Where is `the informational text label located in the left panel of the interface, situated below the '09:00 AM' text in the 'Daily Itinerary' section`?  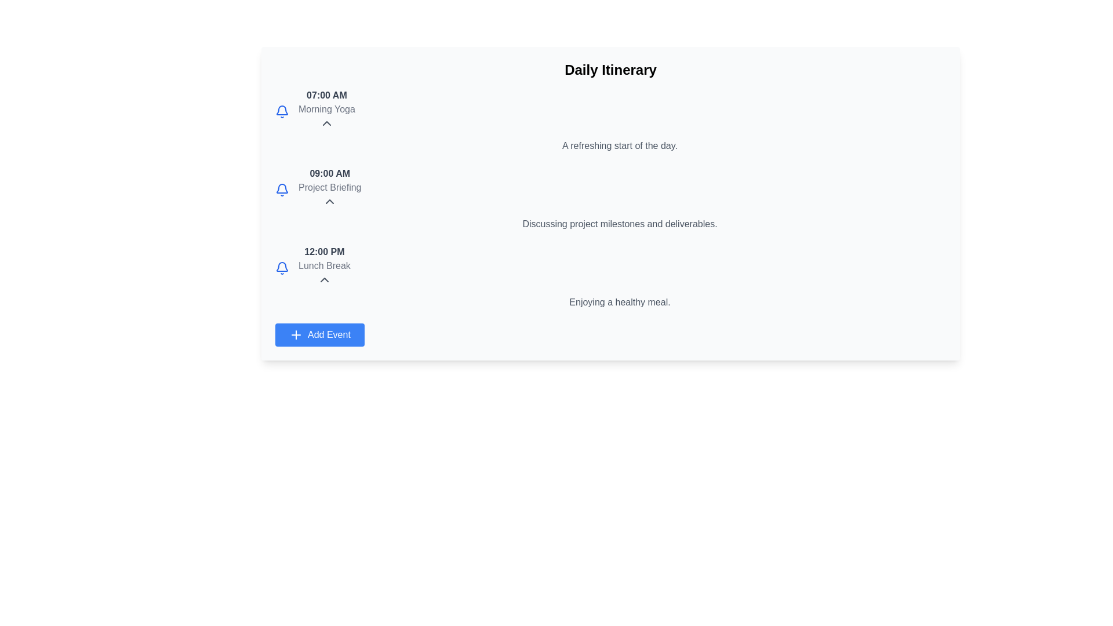 the informational text label located in the left panel of the interface, situated below the '09:00 AM' text in the 'Daily Itinerary' section is located at coordinates (329, 187).